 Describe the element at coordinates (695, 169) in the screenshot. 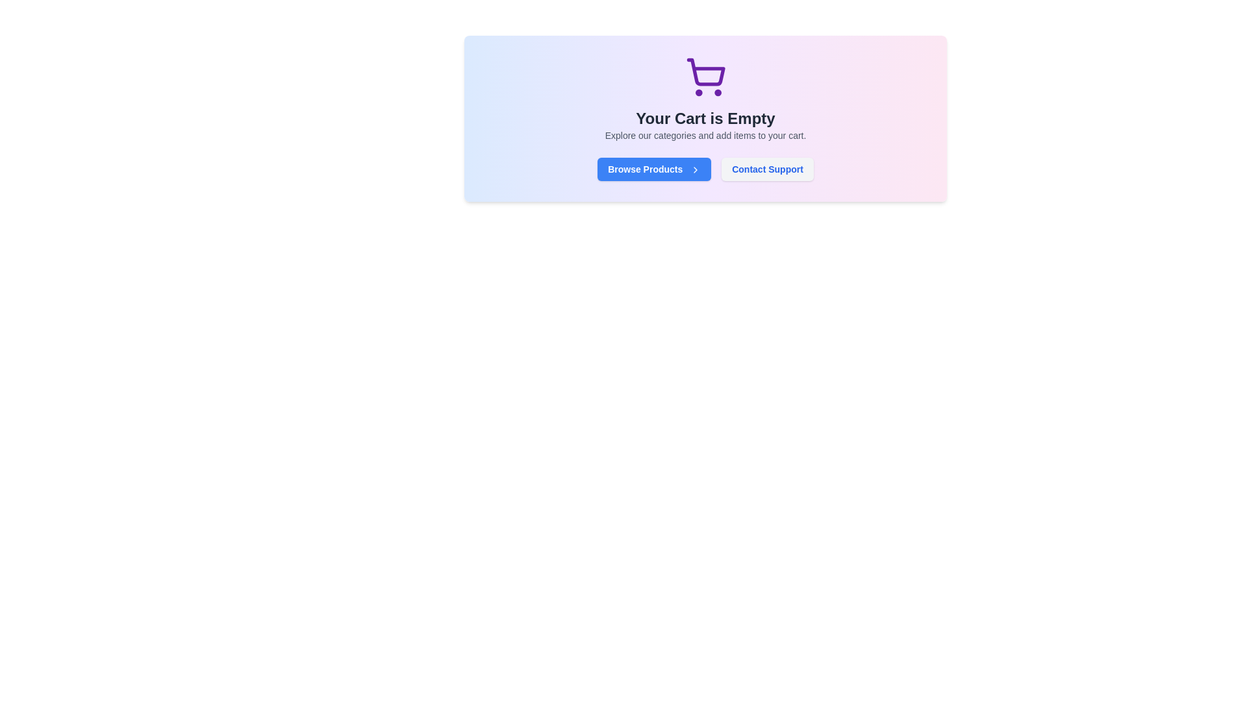

I see `the rightward-pointing arrow icon within the outlined circle, located on the far right end of the 'Browse Products' button` at that location.